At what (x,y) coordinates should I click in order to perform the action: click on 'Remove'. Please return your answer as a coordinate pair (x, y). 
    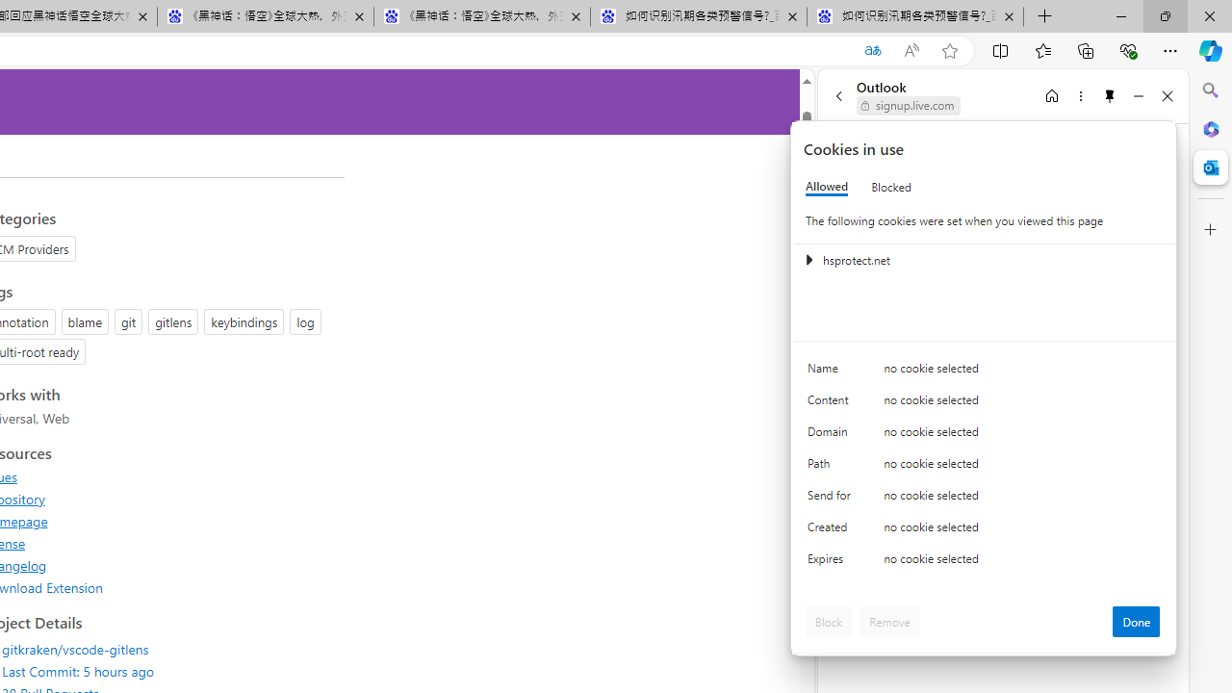
    Looking at the image, I should click on (888, 621).